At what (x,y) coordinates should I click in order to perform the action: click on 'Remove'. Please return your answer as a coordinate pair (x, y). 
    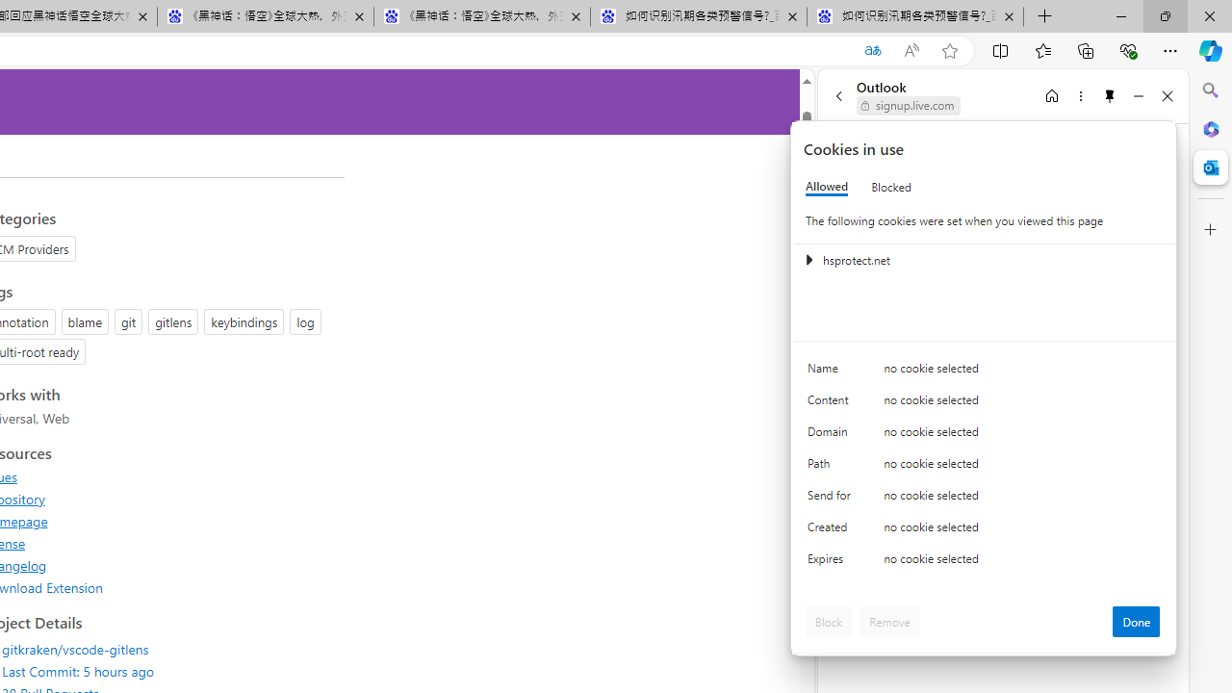
    Looking at the image, I should click on (888, 621).